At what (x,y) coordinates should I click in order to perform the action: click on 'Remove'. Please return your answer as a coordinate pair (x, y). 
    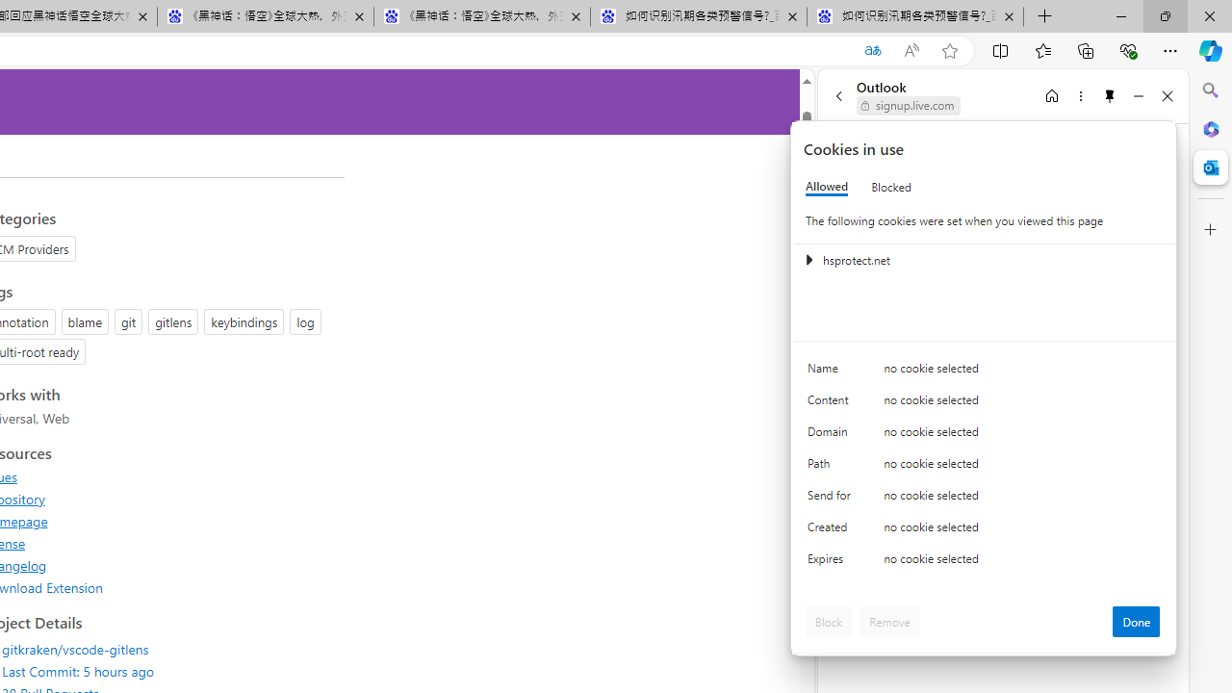
    Looking at the image, I should click on (888, 621).